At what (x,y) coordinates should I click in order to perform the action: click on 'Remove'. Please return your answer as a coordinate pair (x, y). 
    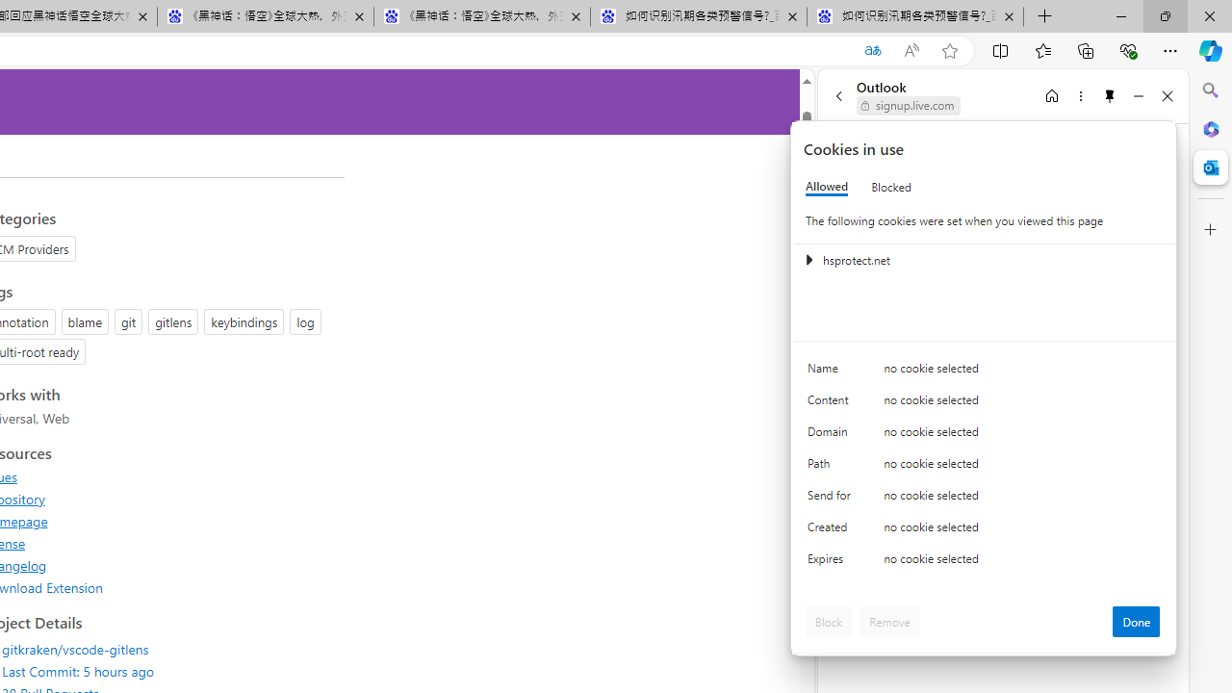
    Looking at the image, I should click on (888, 621).